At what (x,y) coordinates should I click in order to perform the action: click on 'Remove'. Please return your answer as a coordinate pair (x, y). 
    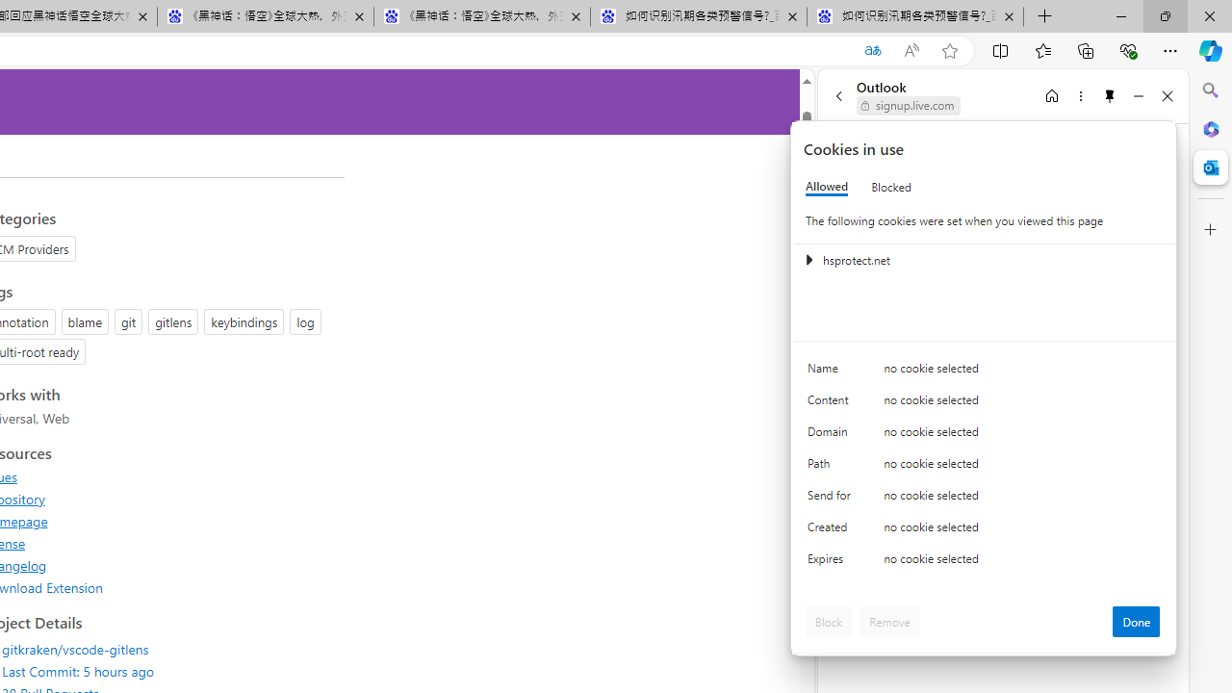
    Looking at the image, I should click on (888, 621).